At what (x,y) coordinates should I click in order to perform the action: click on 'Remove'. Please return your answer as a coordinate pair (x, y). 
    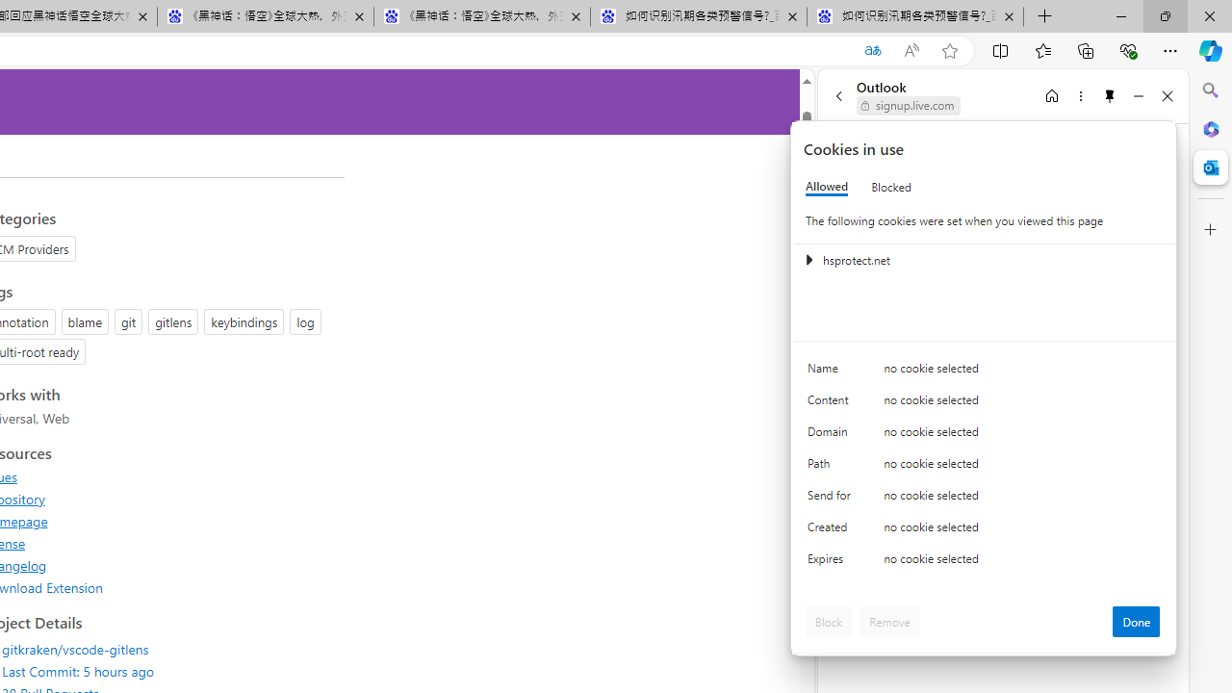
    Looking at the image, I should click on (888, 621).